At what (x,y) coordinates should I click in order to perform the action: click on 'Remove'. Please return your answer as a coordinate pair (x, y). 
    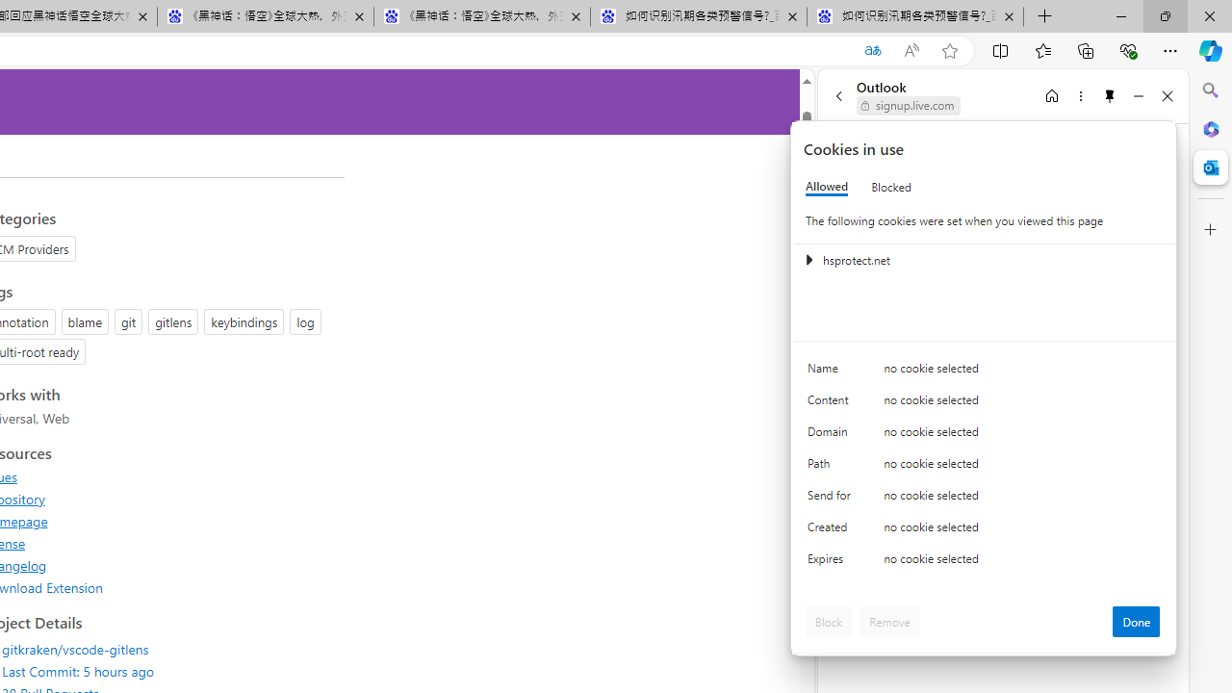
    Looking at the image, I should click on (888, 621).